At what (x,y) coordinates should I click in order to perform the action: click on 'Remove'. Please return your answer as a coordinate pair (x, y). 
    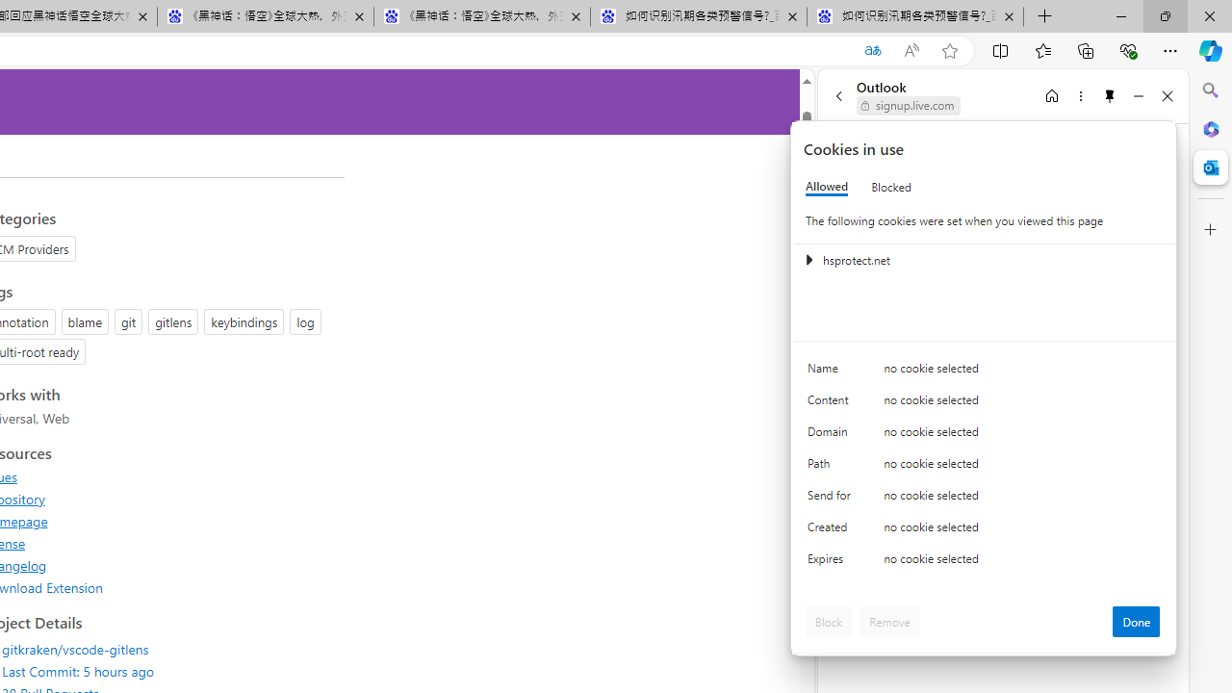
    Looking at the image, I should click on (888, 621).